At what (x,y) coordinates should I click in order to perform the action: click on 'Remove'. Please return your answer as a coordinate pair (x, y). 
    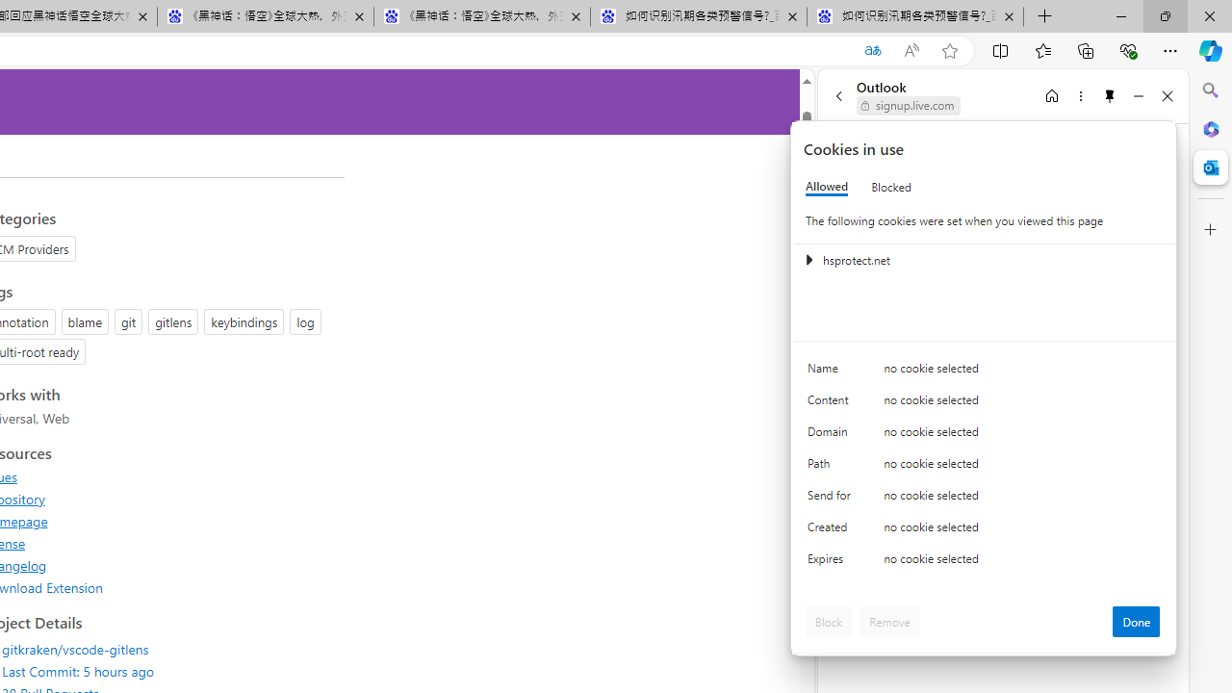
    Looking at the image, I should click on (888, 621).